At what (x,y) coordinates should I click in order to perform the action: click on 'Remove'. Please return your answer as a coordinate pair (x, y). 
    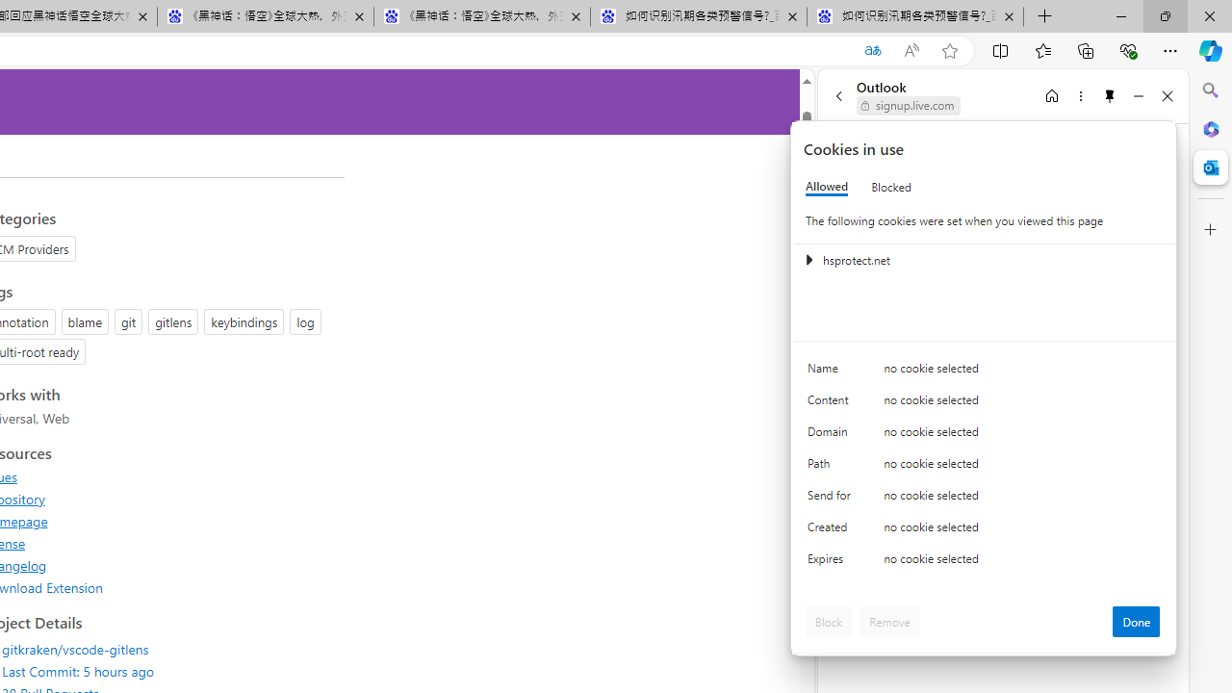
    Looking at the image, I should click on (888, 621).